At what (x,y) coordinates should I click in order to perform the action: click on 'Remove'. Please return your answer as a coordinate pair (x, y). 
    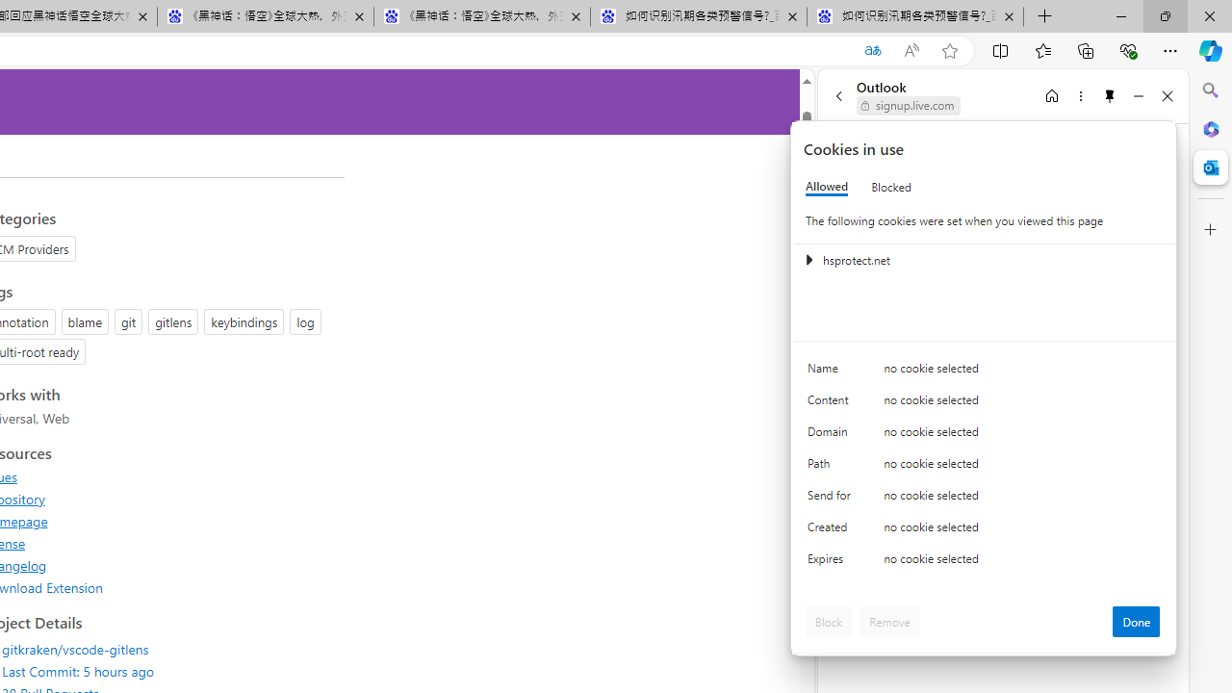
    Looking at the image, I should click on (888, 621).